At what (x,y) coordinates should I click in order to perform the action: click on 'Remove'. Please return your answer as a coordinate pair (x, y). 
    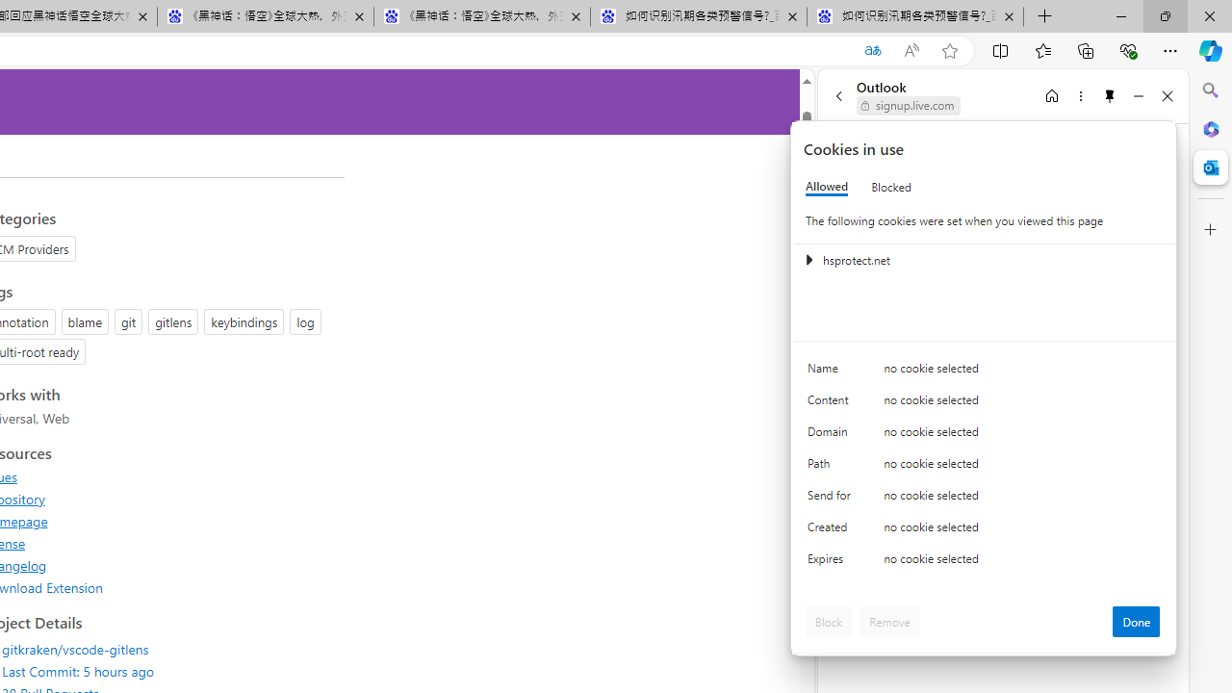
    Looking at the image, I should click on (888, 621).